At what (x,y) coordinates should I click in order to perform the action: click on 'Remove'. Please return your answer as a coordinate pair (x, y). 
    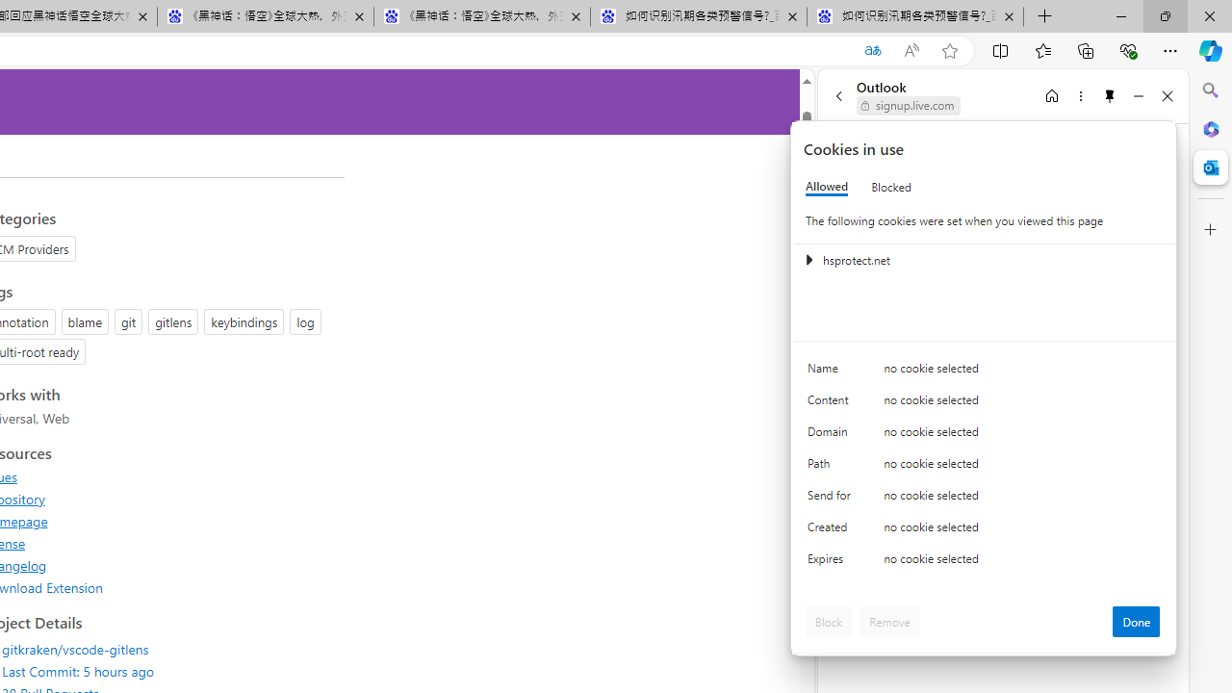
    Looking at the image, I should click on (888, 621).